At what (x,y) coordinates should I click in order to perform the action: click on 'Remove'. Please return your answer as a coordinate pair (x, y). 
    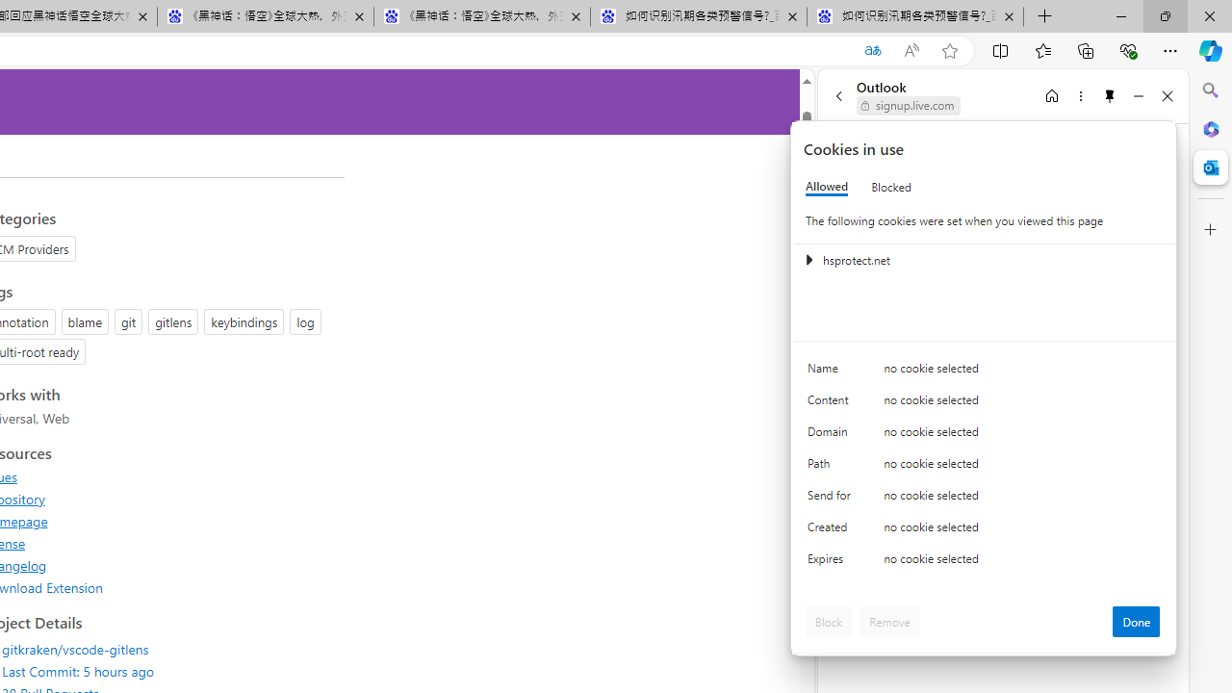
    Looking at the image, I should click on (888, 621).